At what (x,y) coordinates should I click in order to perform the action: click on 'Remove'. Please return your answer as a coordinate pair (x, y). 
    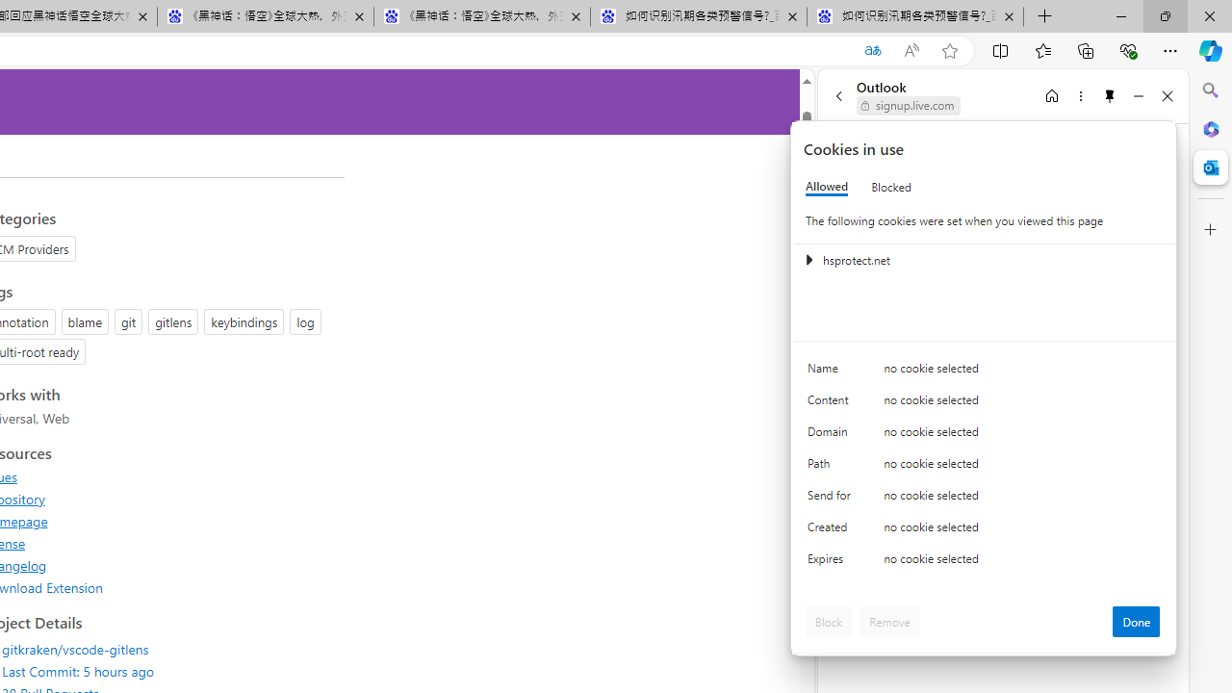
    Looking at the image, I should click on (888, 621).